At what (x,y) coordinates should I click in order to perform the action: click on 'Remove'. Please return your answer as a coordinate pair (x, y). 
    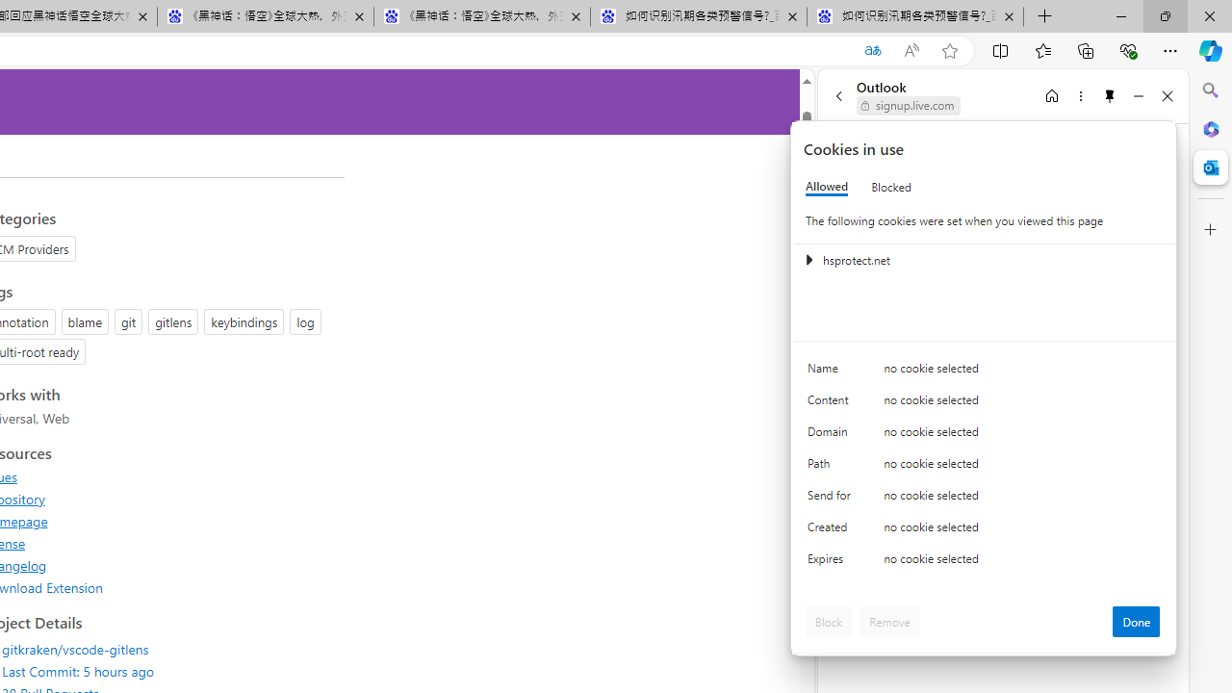
    Looking at the image, I should click on (888, 621).